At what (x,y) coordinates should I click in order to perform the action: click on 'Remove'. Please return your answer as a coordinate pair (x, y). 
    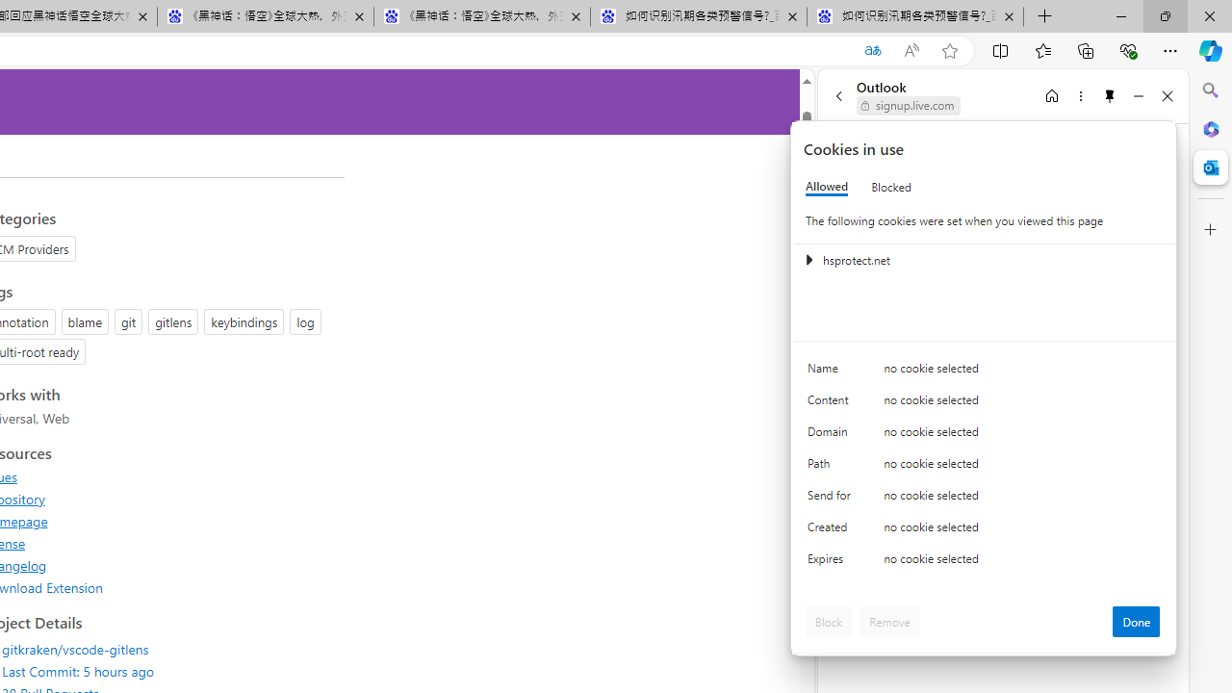
    Looking at the image, I should click on (888, 621).